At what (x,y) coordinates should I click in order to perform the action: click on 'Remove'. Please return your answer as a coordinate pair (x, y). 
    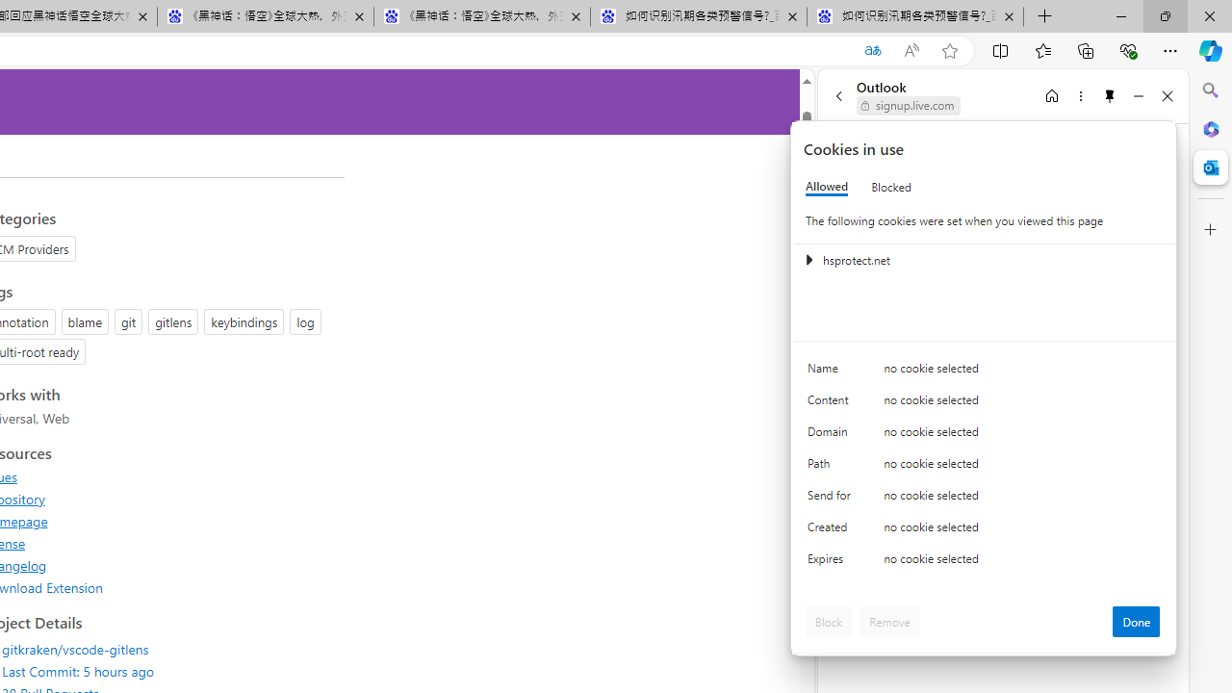
    Looking at the image, I should click on (888, 621).